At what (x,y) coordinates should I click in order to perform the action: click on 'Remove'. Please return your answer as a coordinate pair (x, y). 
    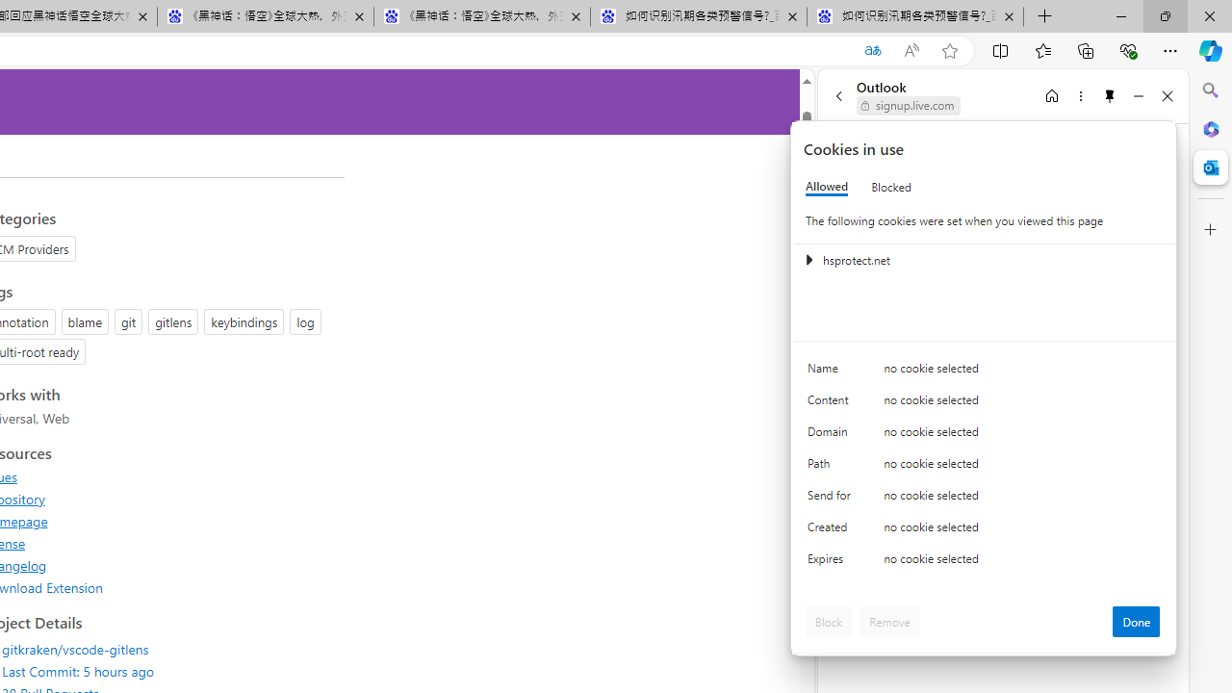
    Looking at the image, I should click on (888, 621).